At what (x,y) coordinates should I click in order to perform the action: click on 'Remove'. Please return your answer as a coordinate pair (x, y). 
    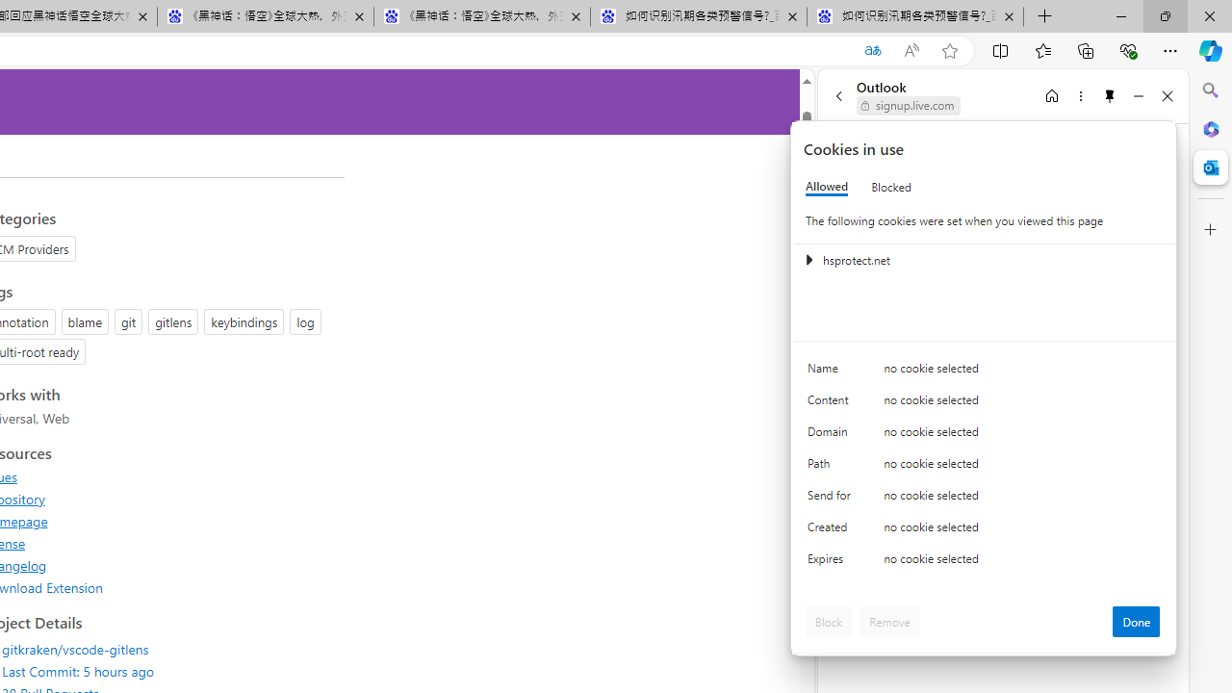
    Looking at the image, I should click on (888, 621).